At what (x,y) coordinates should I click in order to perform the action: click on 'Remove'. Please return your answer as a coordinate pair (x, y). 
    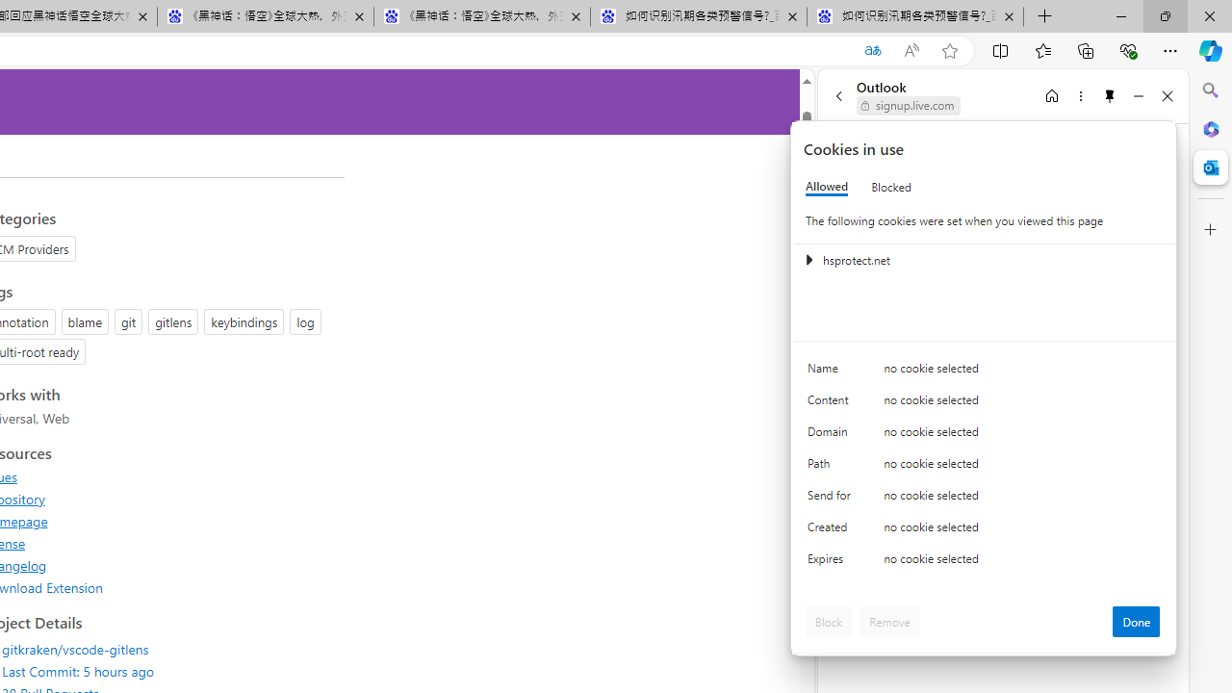
    Looking at the image, I should click on (888, 621).